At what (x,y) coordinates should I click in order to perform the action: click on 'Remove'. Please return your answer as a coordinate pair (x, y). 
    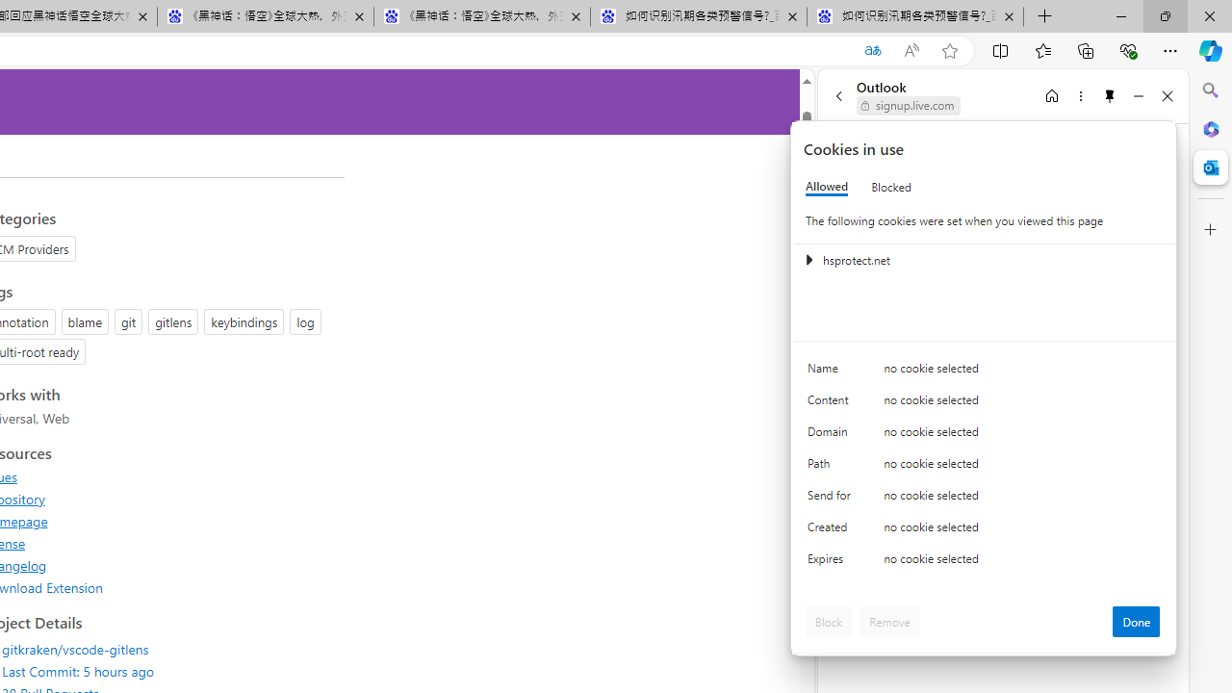
    Looking at the image, I should click on (888, 621).